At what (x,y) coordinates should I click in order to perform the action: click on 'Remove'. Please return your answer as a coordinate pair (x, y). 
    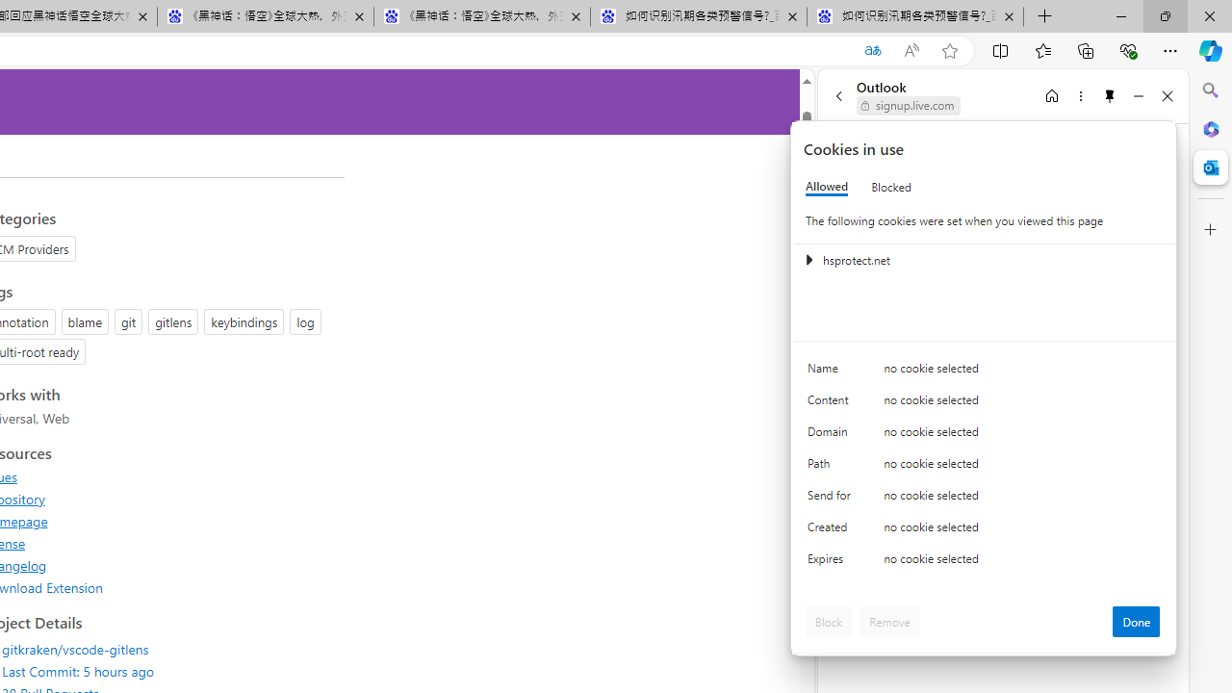
    Looking at the image, I should click on (888, 621).